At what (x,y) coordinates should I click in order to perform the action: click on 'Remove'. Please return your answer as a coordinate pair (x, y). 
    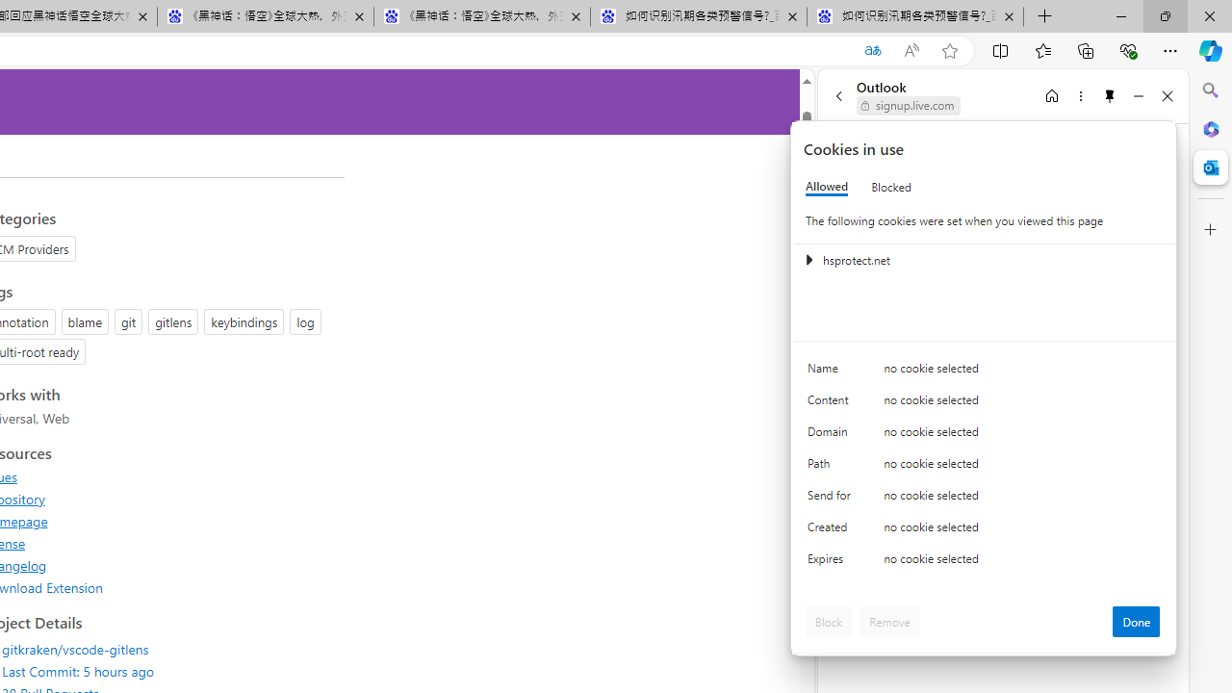
    Looking at the image, I should click on (888, 621).